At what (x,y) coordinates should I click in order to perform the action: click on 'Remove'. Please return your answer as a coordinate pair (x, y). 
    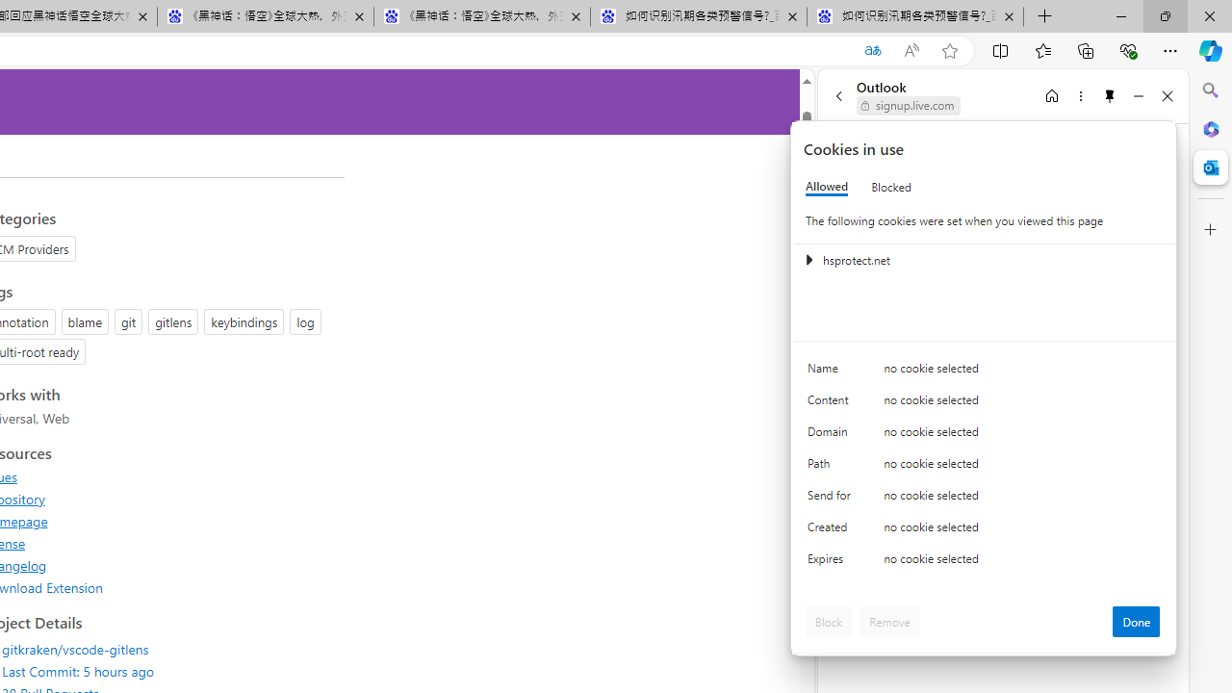
    Looking at the image, I should click on (888, 621).